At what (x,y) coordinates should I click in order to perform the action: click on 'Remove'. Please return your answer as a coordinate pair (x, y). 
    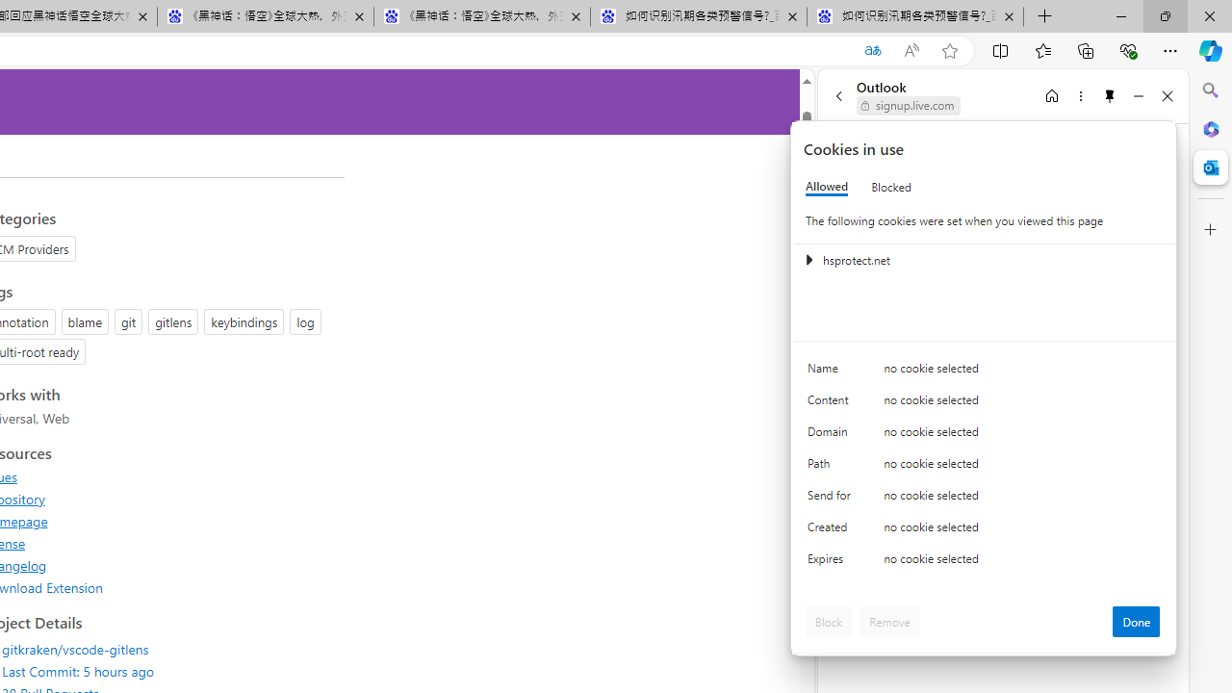
    Looking at the image, I should click on (888, 621).